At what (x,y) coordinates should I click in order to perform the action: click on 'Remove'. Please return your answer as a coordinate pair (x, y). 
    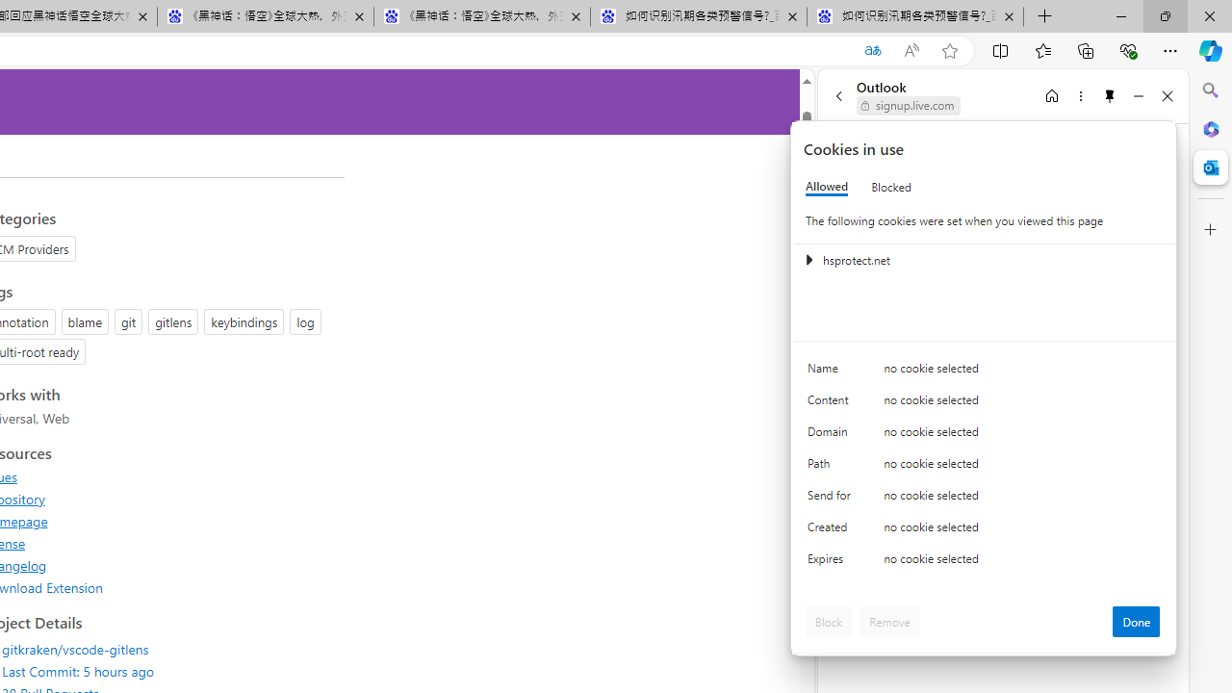
    Looking at the image, I should click on (888, 621).